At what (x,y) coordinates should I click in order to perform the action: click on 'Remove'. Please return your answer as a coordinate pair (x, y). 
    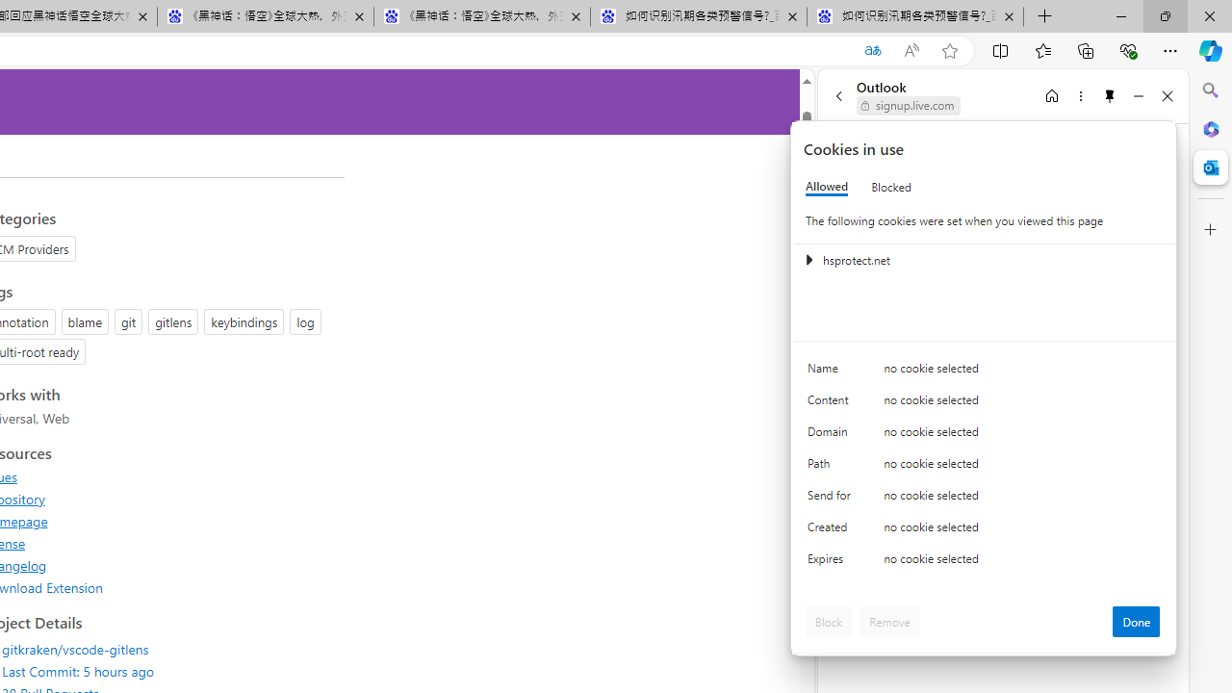
    Looking at the image, I should click on (888, 621).